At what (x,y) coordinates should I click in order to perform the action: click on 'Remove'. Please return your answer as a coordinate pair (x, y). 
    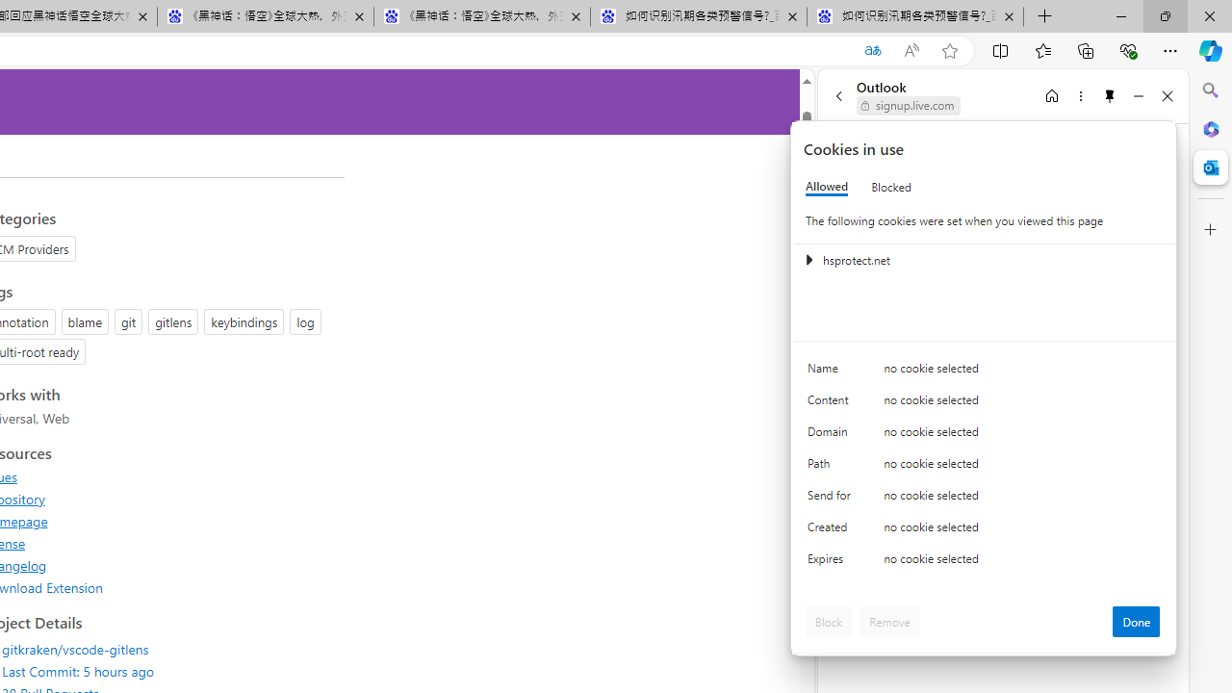
    Looking at the image, I should click on (888, 621).